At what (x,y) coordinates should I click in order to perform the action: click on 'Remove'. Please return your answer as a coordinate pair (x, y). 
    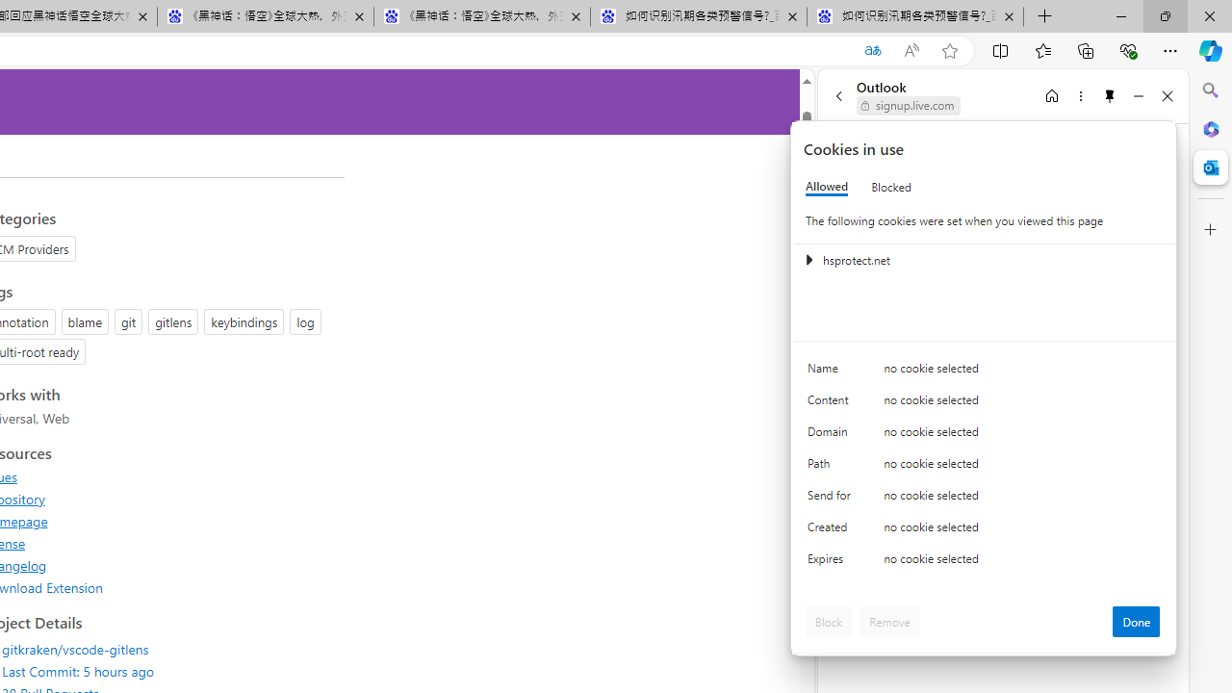
    Looking at the image, I should click on (888, 621).